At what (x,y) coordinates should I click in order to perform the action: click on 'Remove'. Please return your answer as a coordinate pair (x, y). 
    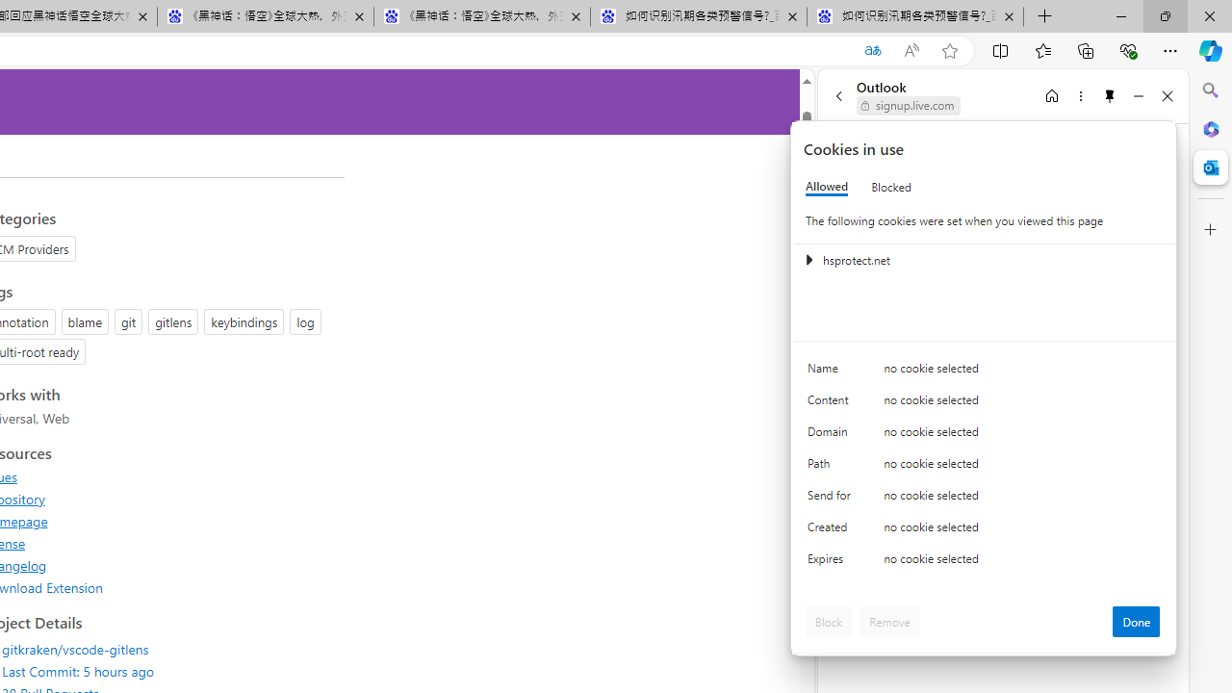
    Looking at the image, I should click on (888, 621).